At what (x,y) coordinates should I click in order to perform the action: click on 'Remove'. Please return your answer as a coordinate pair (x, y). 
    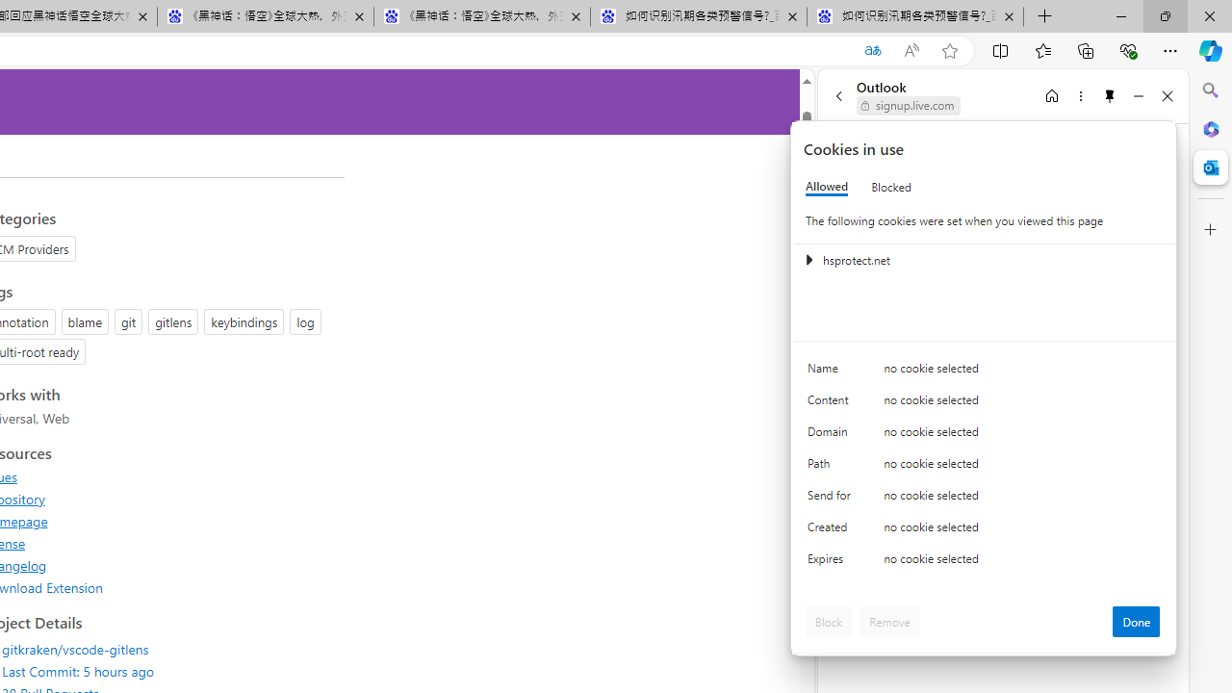
    Looking at the image, I should click on (888, 621).